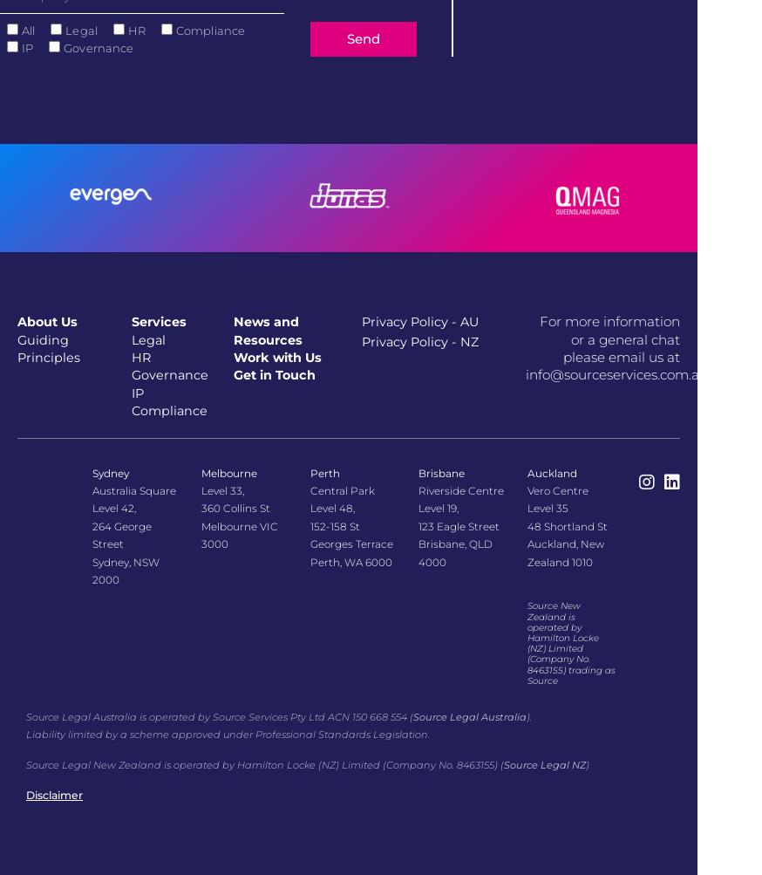  What do you see at coordinates (17, 347) in the screenshot?
I see `'Guiding Principles'` at bounding box center [17, 347].